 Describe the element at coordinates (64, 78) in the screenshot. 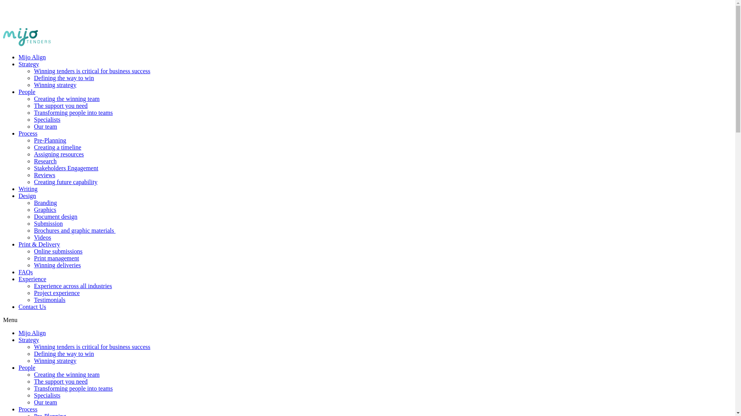

I see `'Defining the way to win'` at that location.